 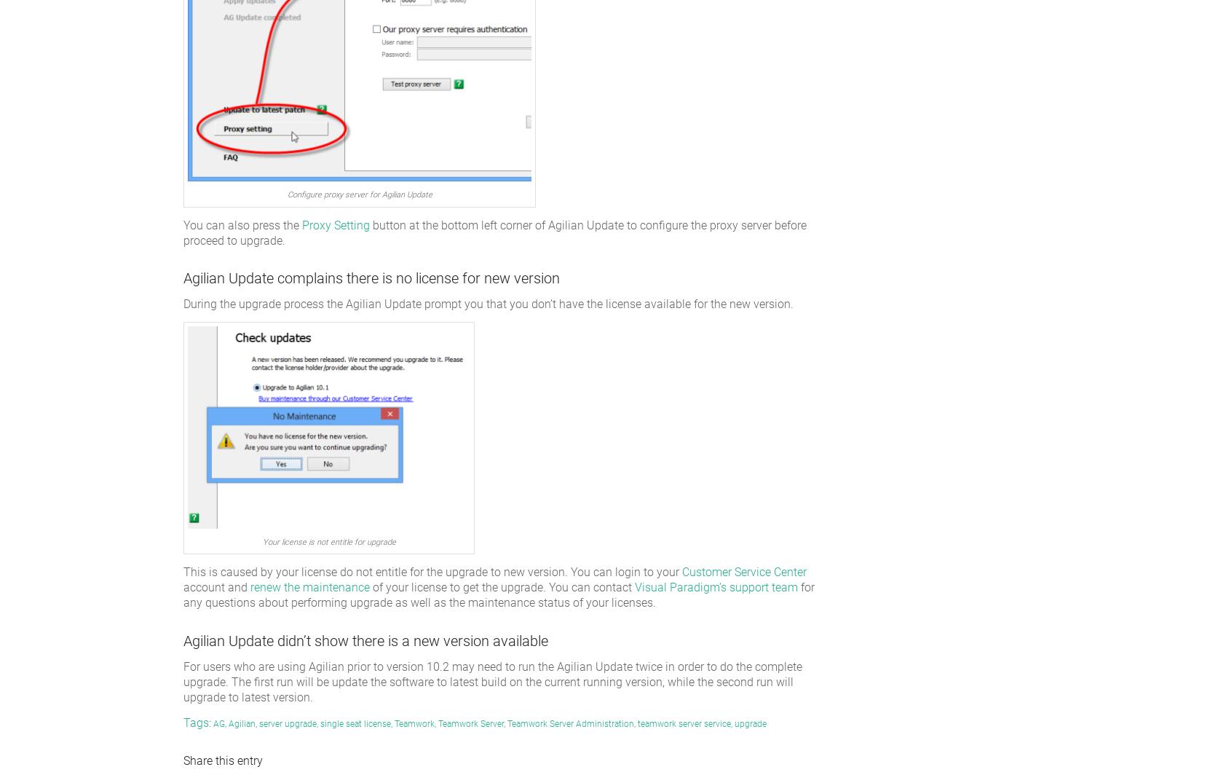 What do you see at coordinates (371, 278) in the screenshot?
I see `'Agilian Update complains there is no license for new version'` at bounding box center [371, 278].